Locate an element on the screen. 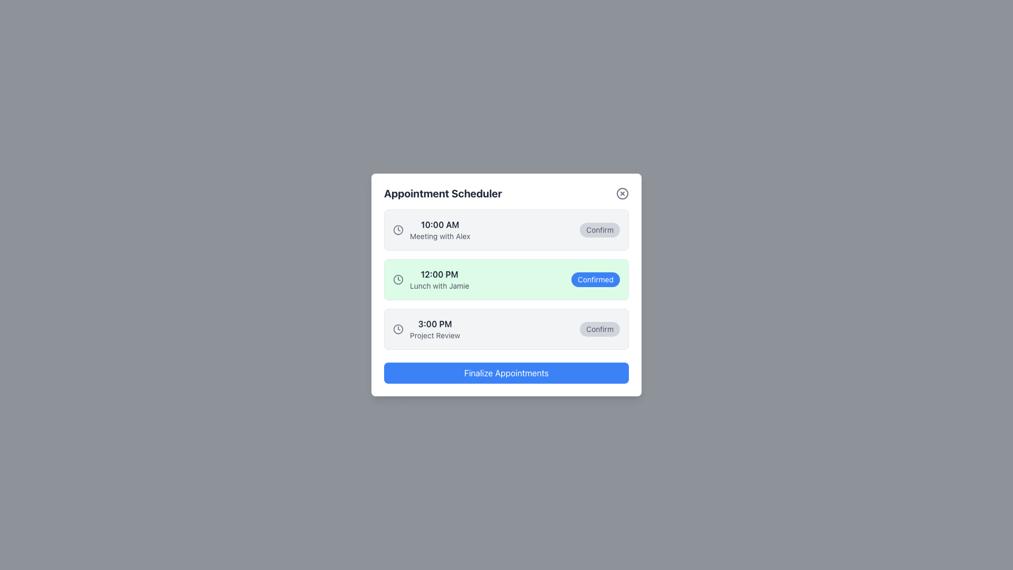  the finalization button located at the bottom of the Appointment Scheduler interface to finalize all appointments is located at coordinates (506, 372).